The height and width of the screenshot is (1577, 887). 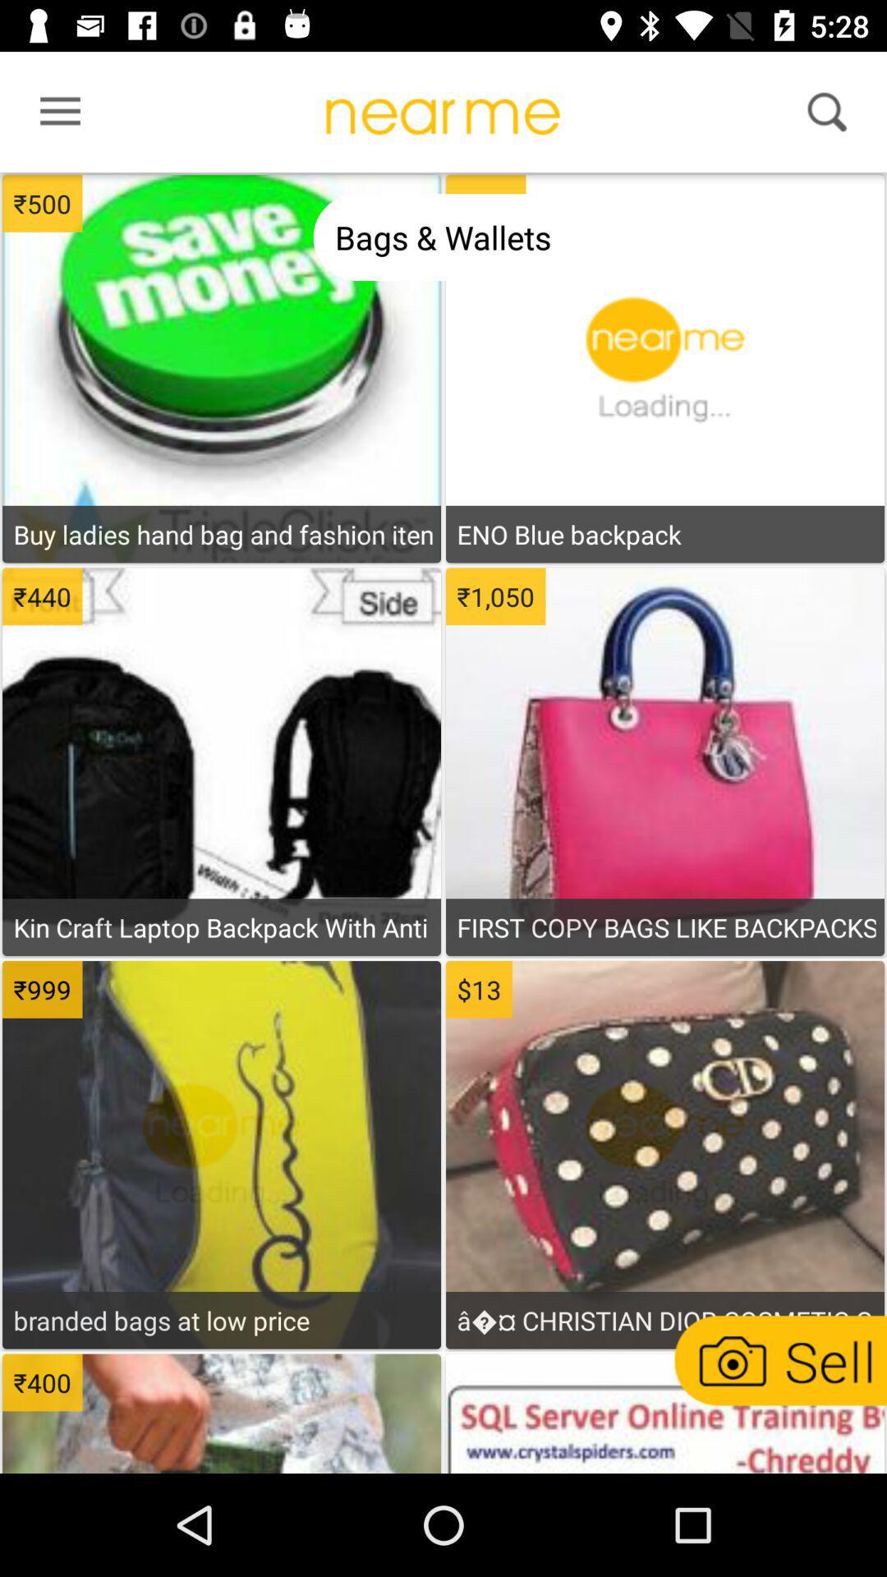 I want to click on advertisements website, so click(x=664, y=1415).